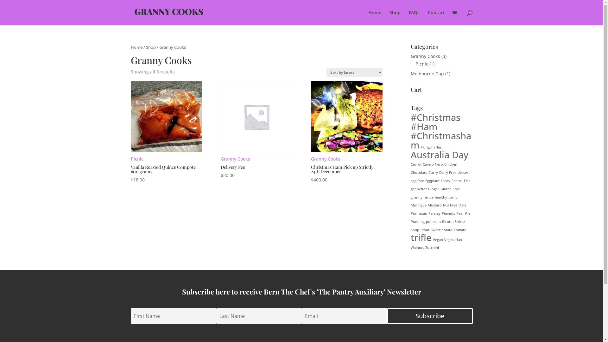 Image resolution: width=608 pixels, height=342 pixels. Describe the element at coordinates (436, 17) in the screenshot. I see `'Contact'` at that location.